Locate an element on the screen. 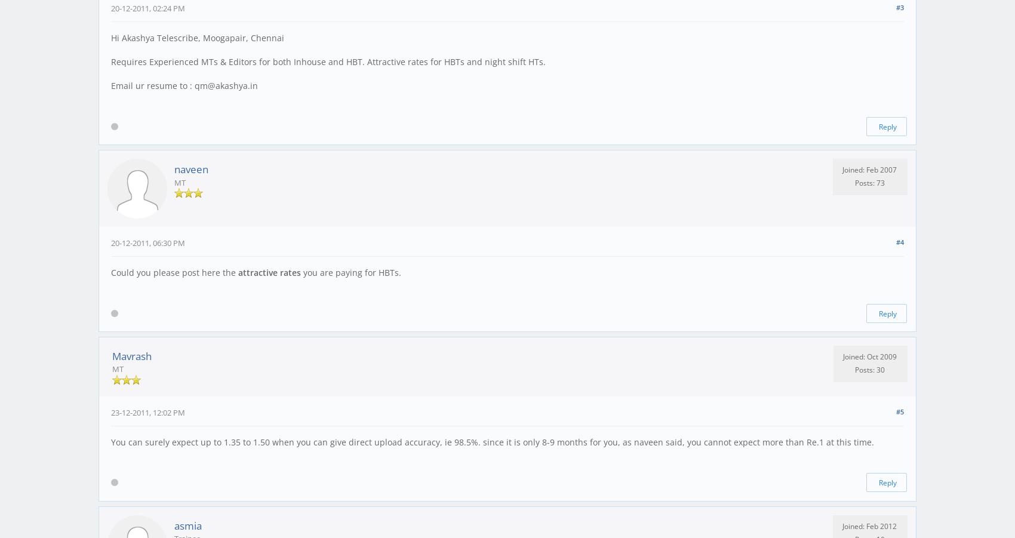  '20-12-2011, 06:30 PM' is located at coordinates (110, 242).